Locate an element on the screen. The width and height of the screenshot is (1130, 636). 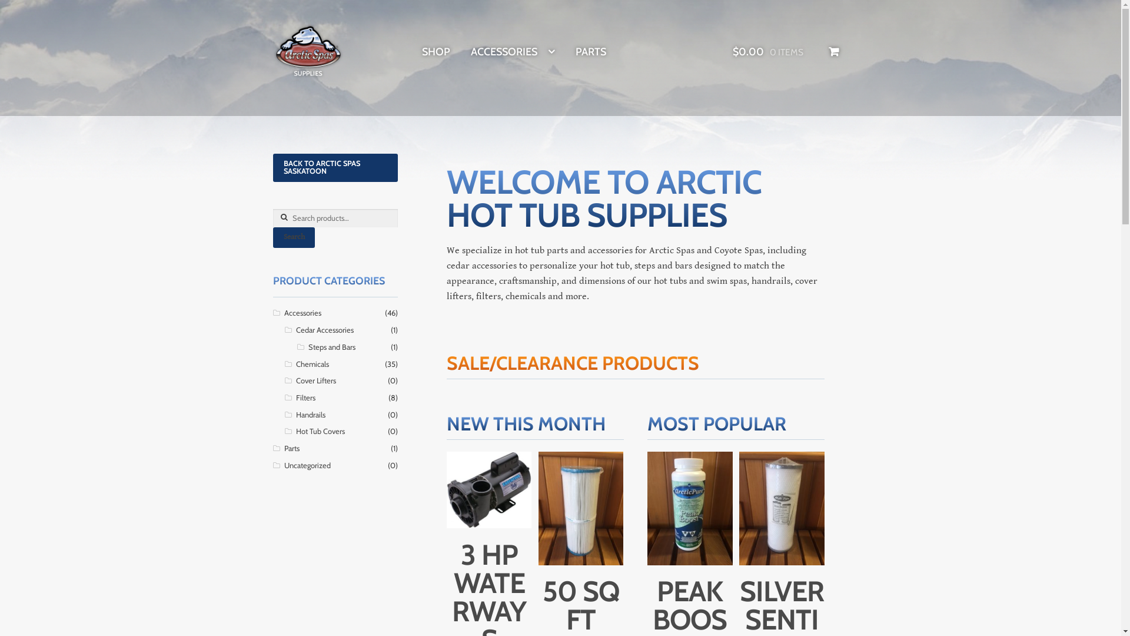
'Chemicals' is located at coordinates (313, 363).